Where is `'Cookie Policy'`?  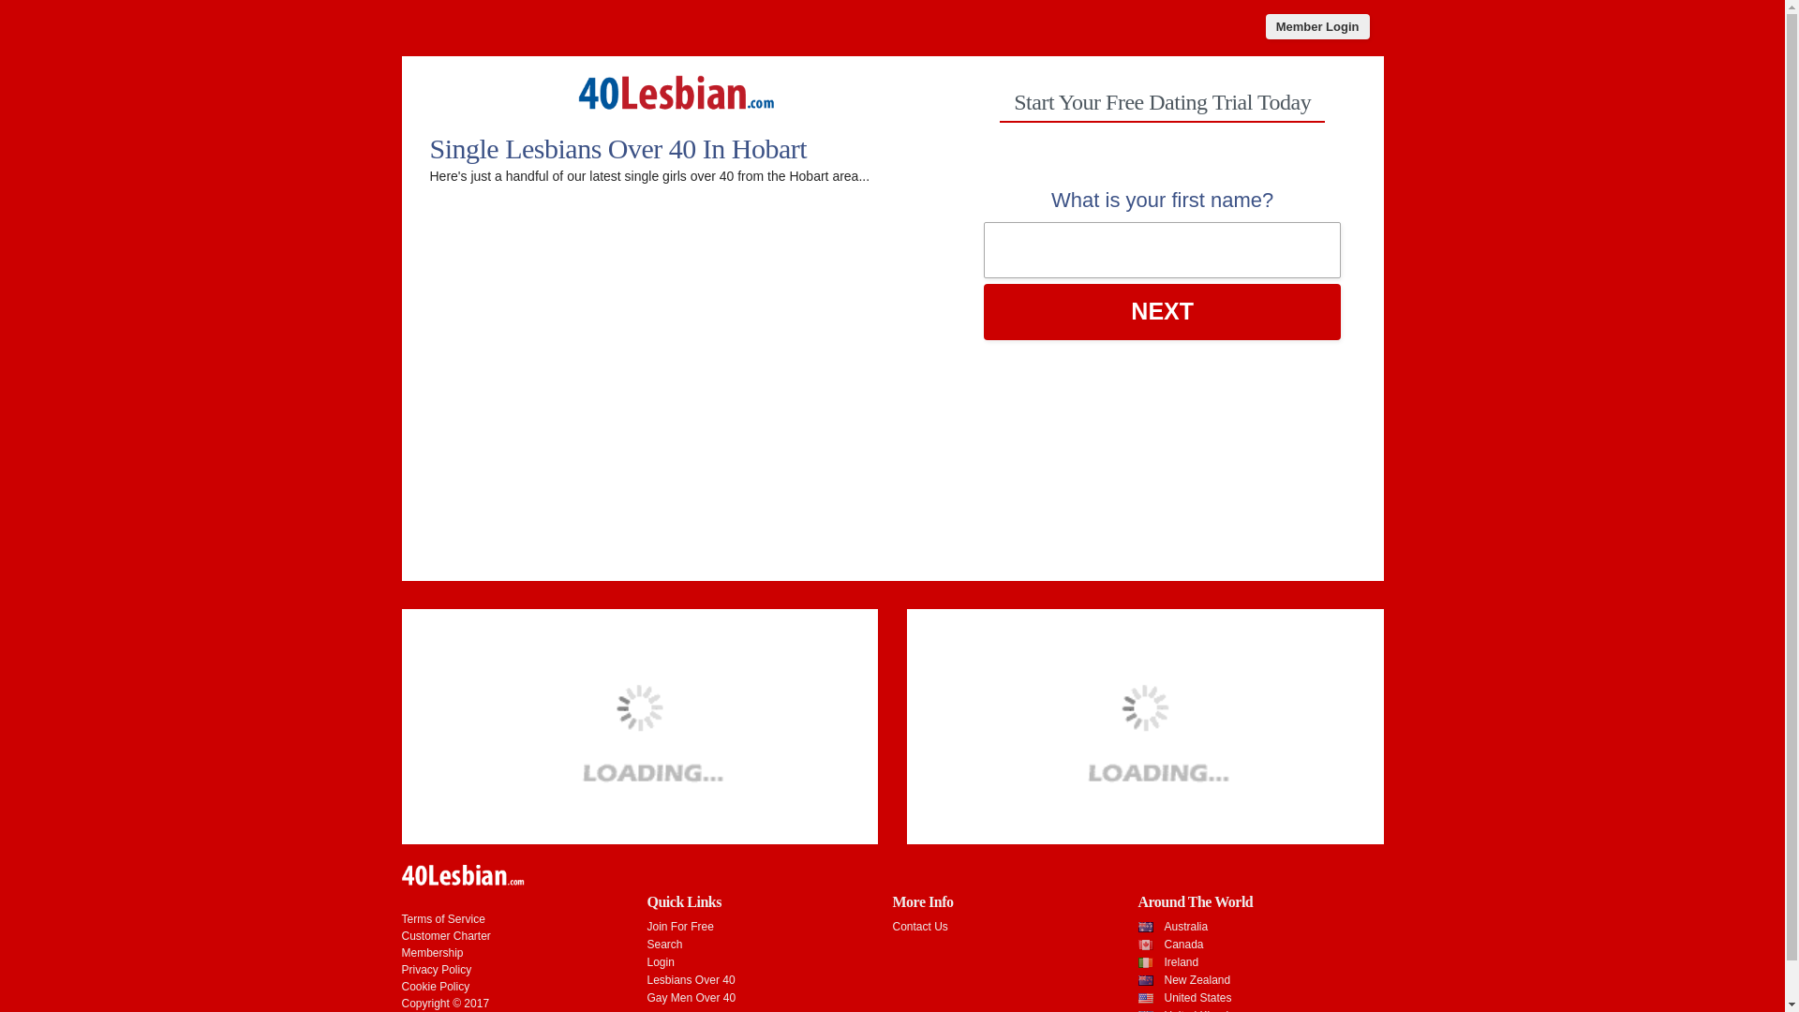 'Cookie Policy' is located at coordinates (434, 986).